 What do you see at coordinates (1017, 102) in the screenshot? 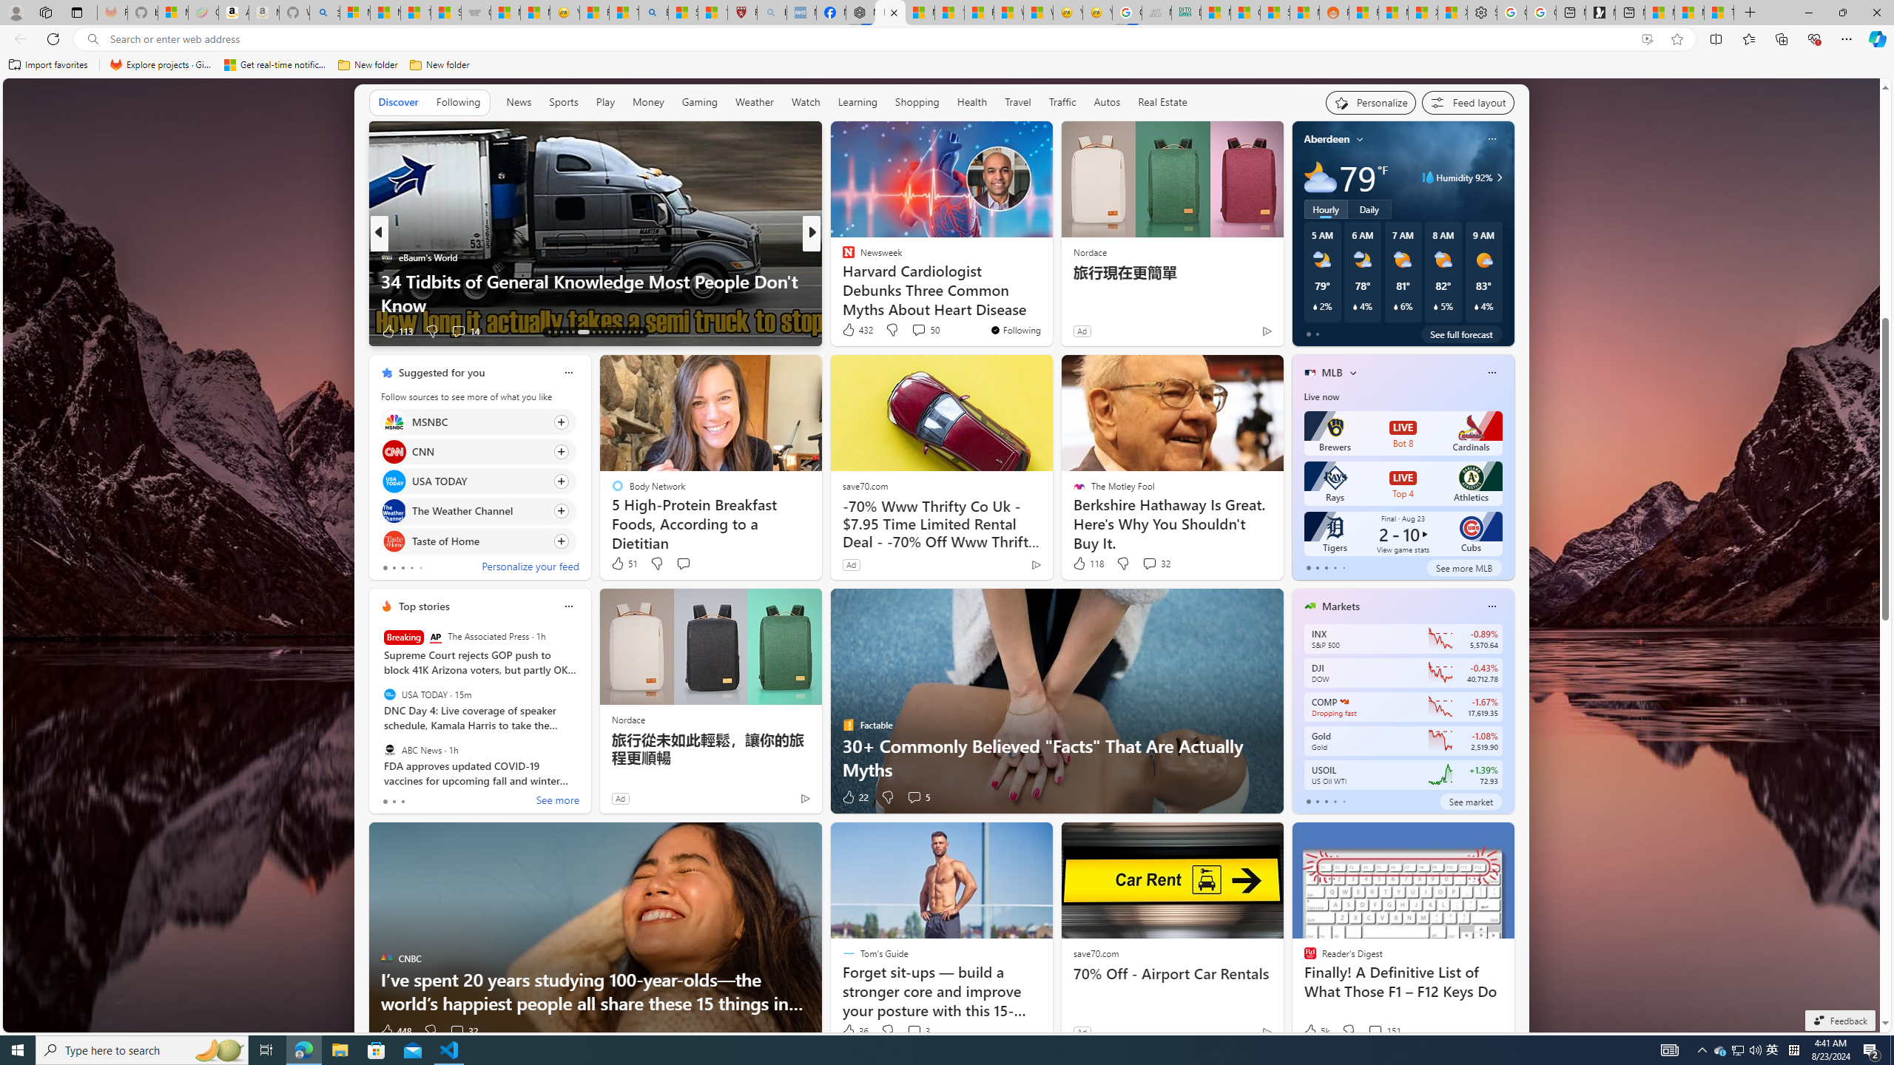
I see `'Travel'` at bounding box center [1017, 102].